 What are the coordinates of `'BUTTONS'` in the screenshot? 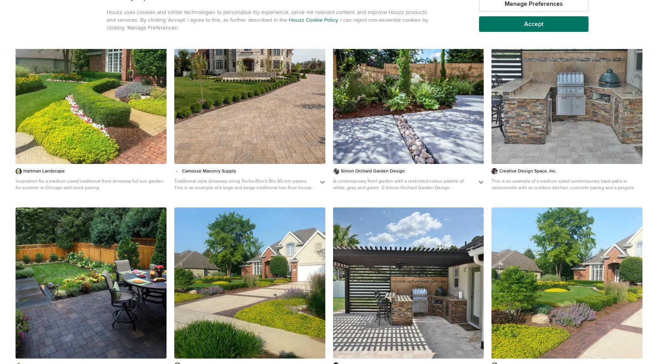 It's located at (349, 37).